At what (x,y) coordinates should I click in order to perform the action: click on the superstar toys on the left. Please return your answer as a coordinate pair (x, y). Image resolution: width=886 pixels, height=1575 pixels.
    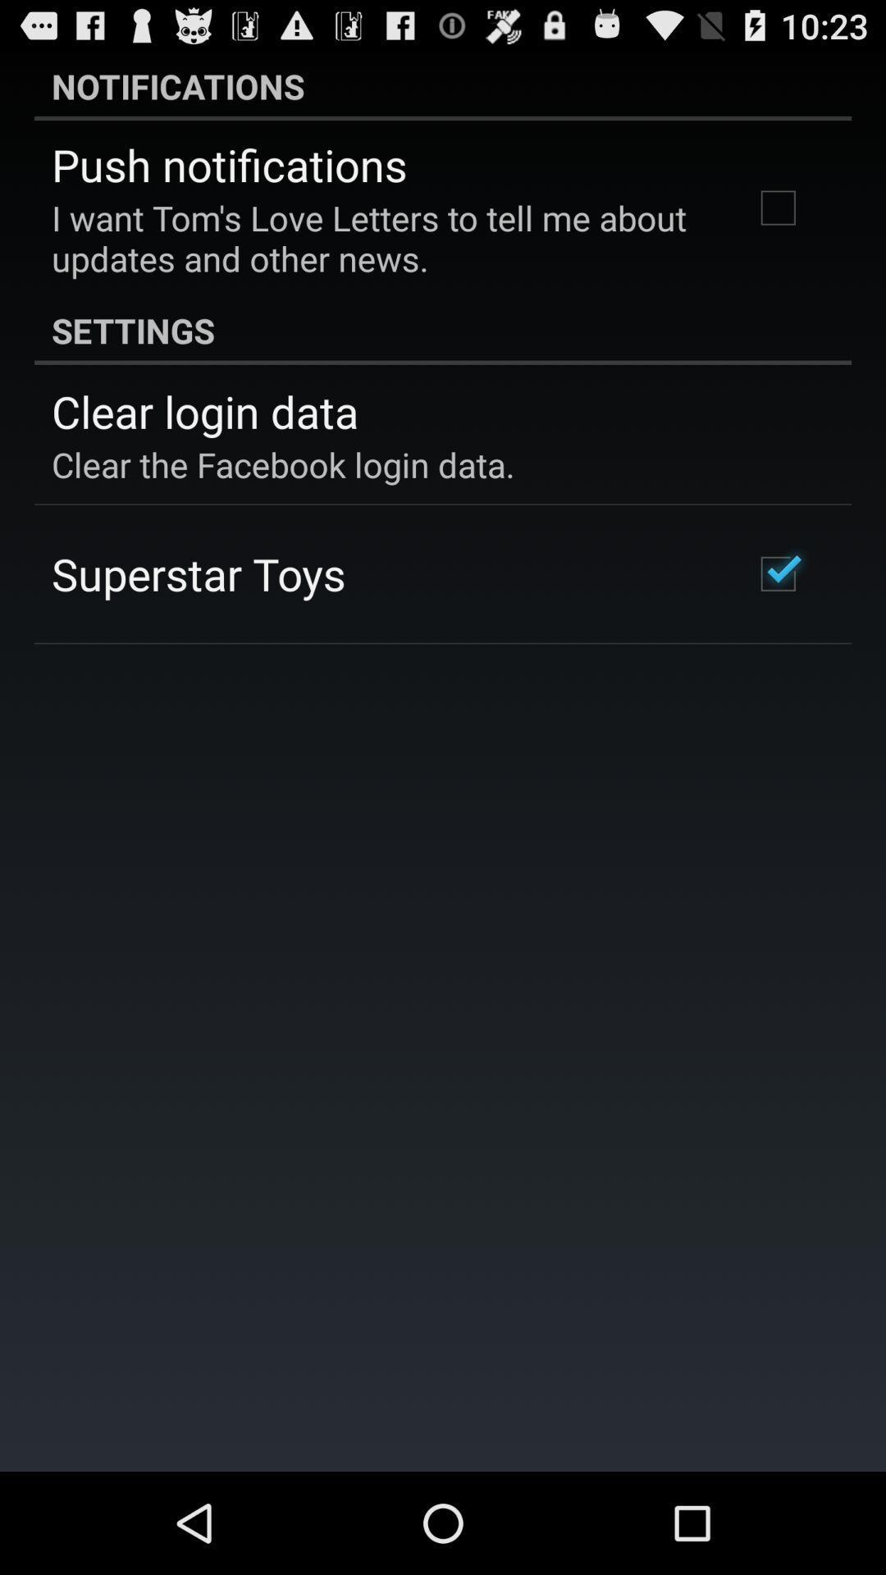
    Looking at the image, I should click on (198, 573).